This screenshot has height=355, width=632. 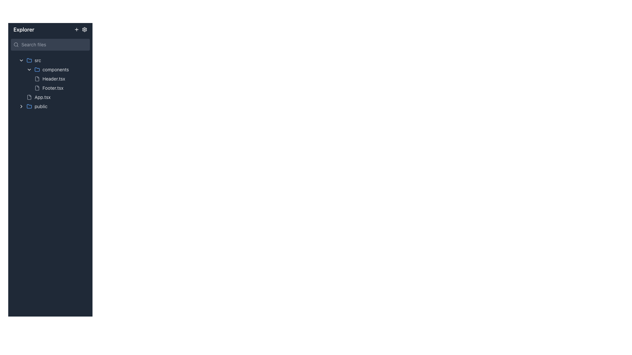 I want to click on and drop text into the search bar located below the 'Explorer' label, which has a placeholder text 'Search files' and a dark background, so click(x=50, y=44).